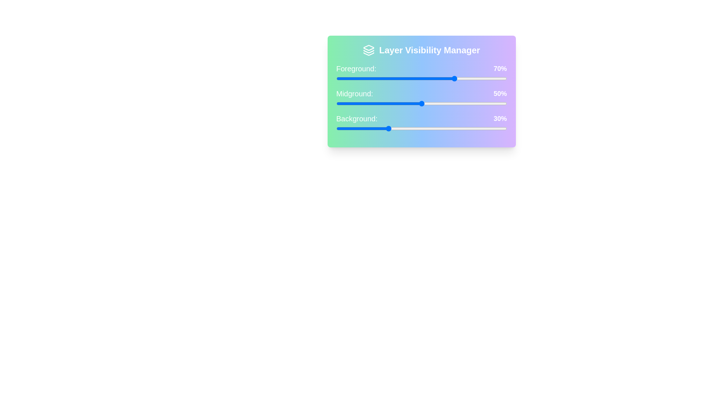  Describe the element at coordinates (430, 103) in the screenshot. I see `the Midground slider to 55%` at that location.